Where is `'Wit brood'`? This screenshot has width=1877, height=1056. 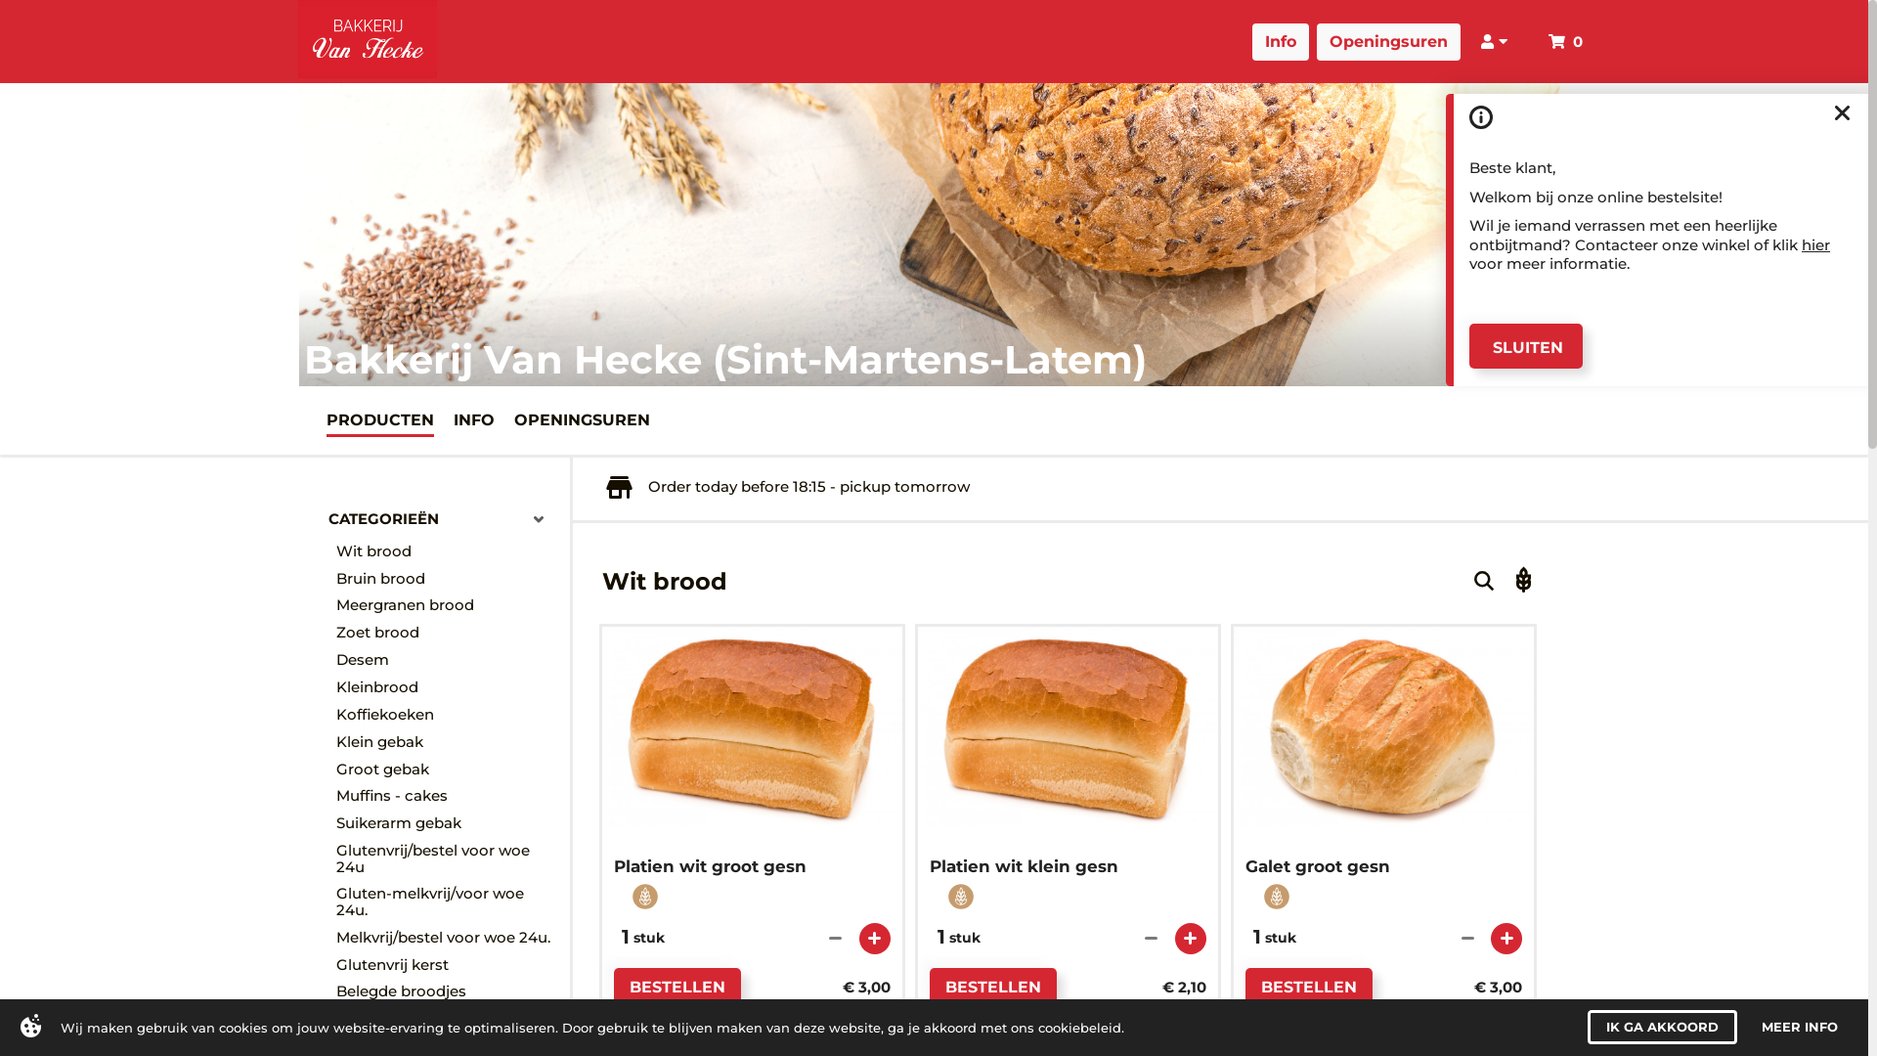
'Wit brood' is located at coordinates (446, 550).